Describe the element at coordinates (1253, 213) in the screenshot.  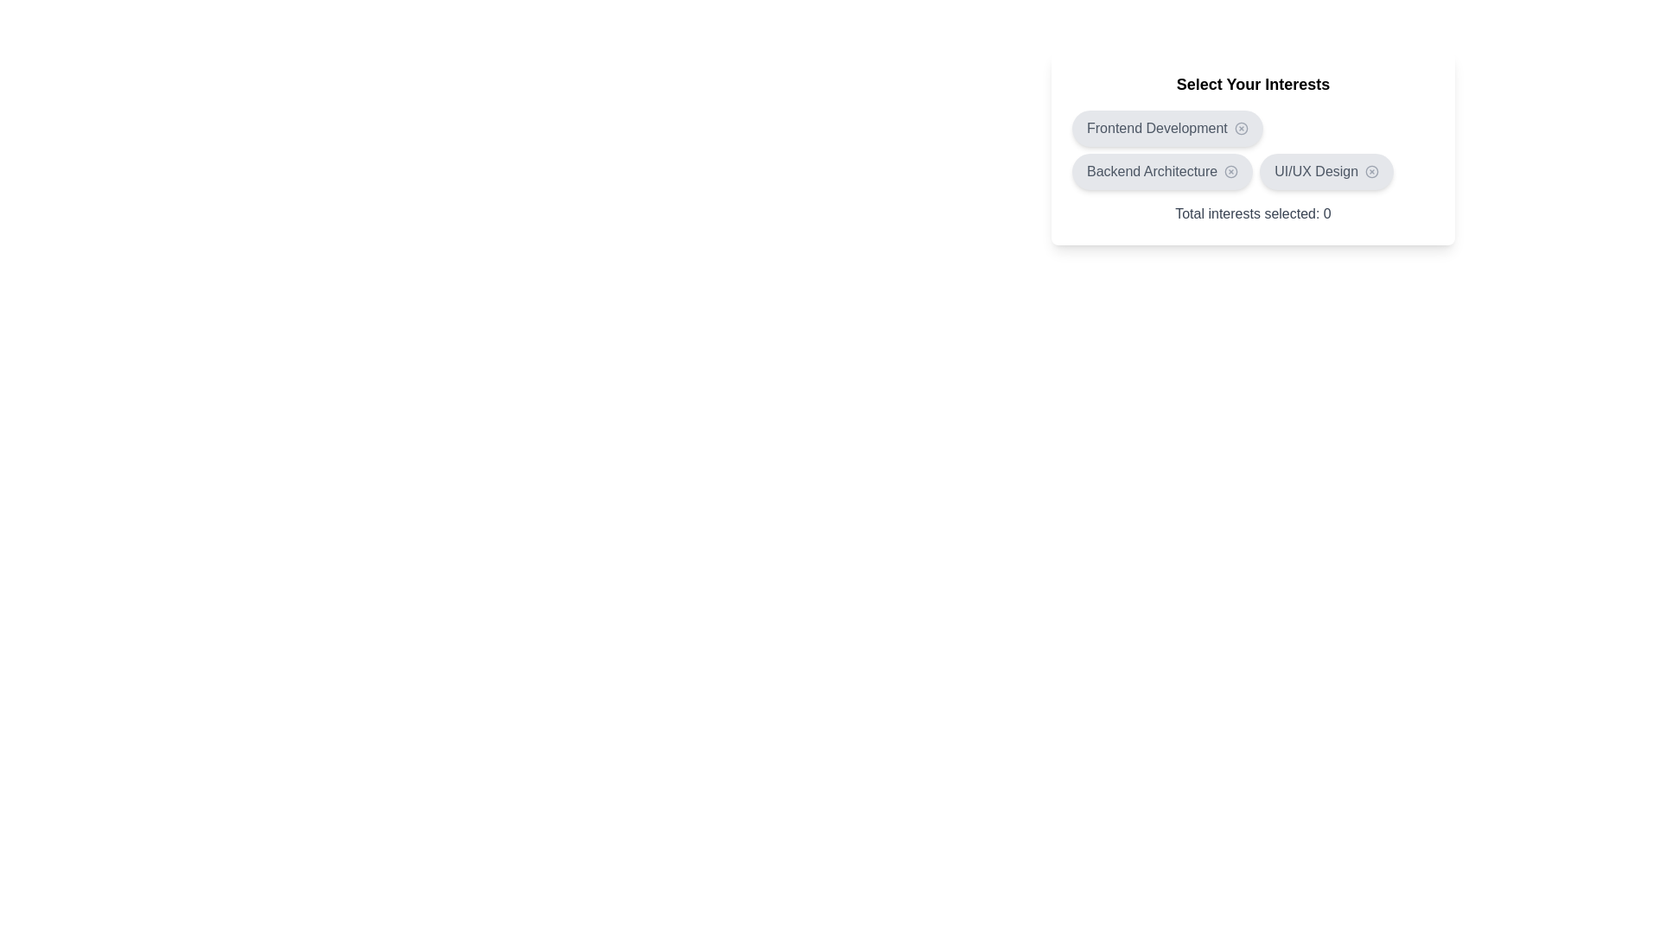
I see `the static text label that summarizes the total number of selected interests, located at the bottom of the card interface below the selectable interest options` at that location.